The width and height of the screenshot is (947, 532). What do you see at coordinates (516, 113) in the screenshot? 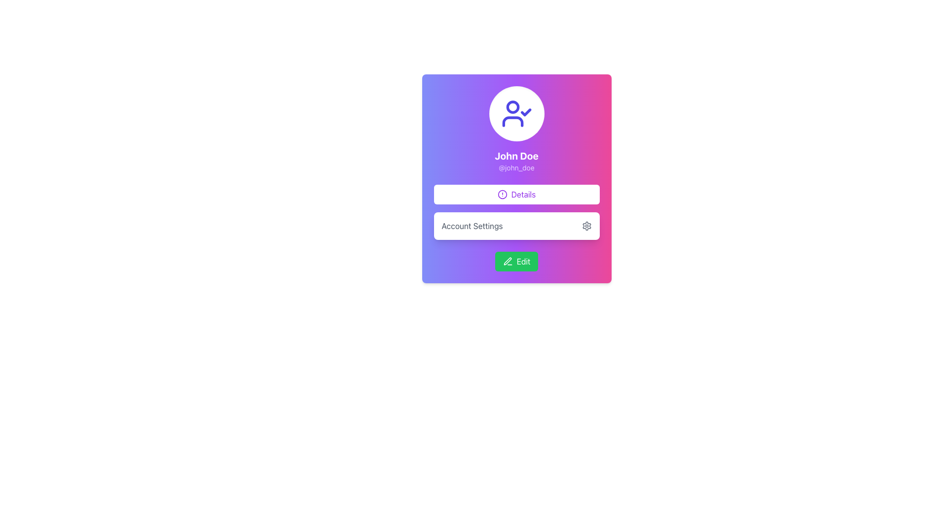
I see `SVG icon representing a user with a checkmark overlay, which is styled with purple coloring and located at the center of the circular area in the top section of the card layout` at bounding box center [516, 113].